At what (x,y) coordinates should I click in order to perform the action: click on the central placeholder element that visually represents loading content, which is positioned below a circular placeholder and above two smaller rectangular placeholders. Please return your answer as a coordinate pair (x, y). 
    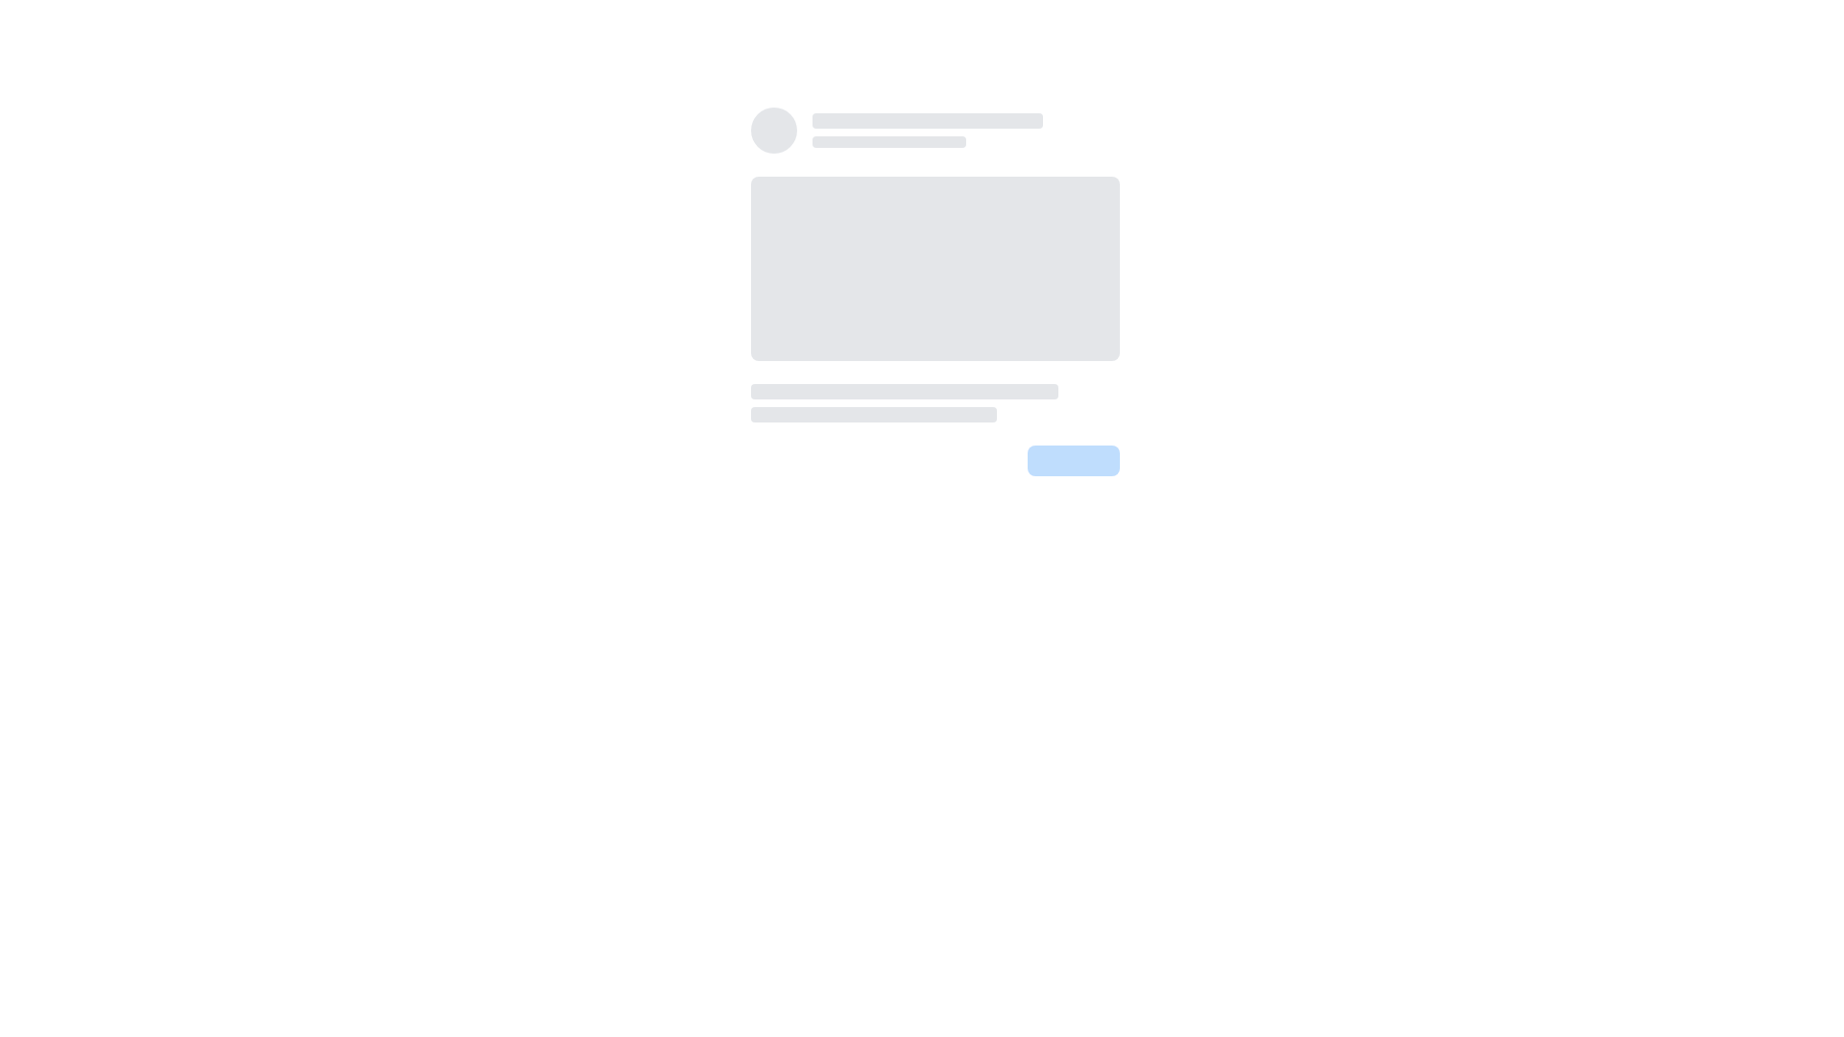
    Looking at the image, I should click on (934, 269).